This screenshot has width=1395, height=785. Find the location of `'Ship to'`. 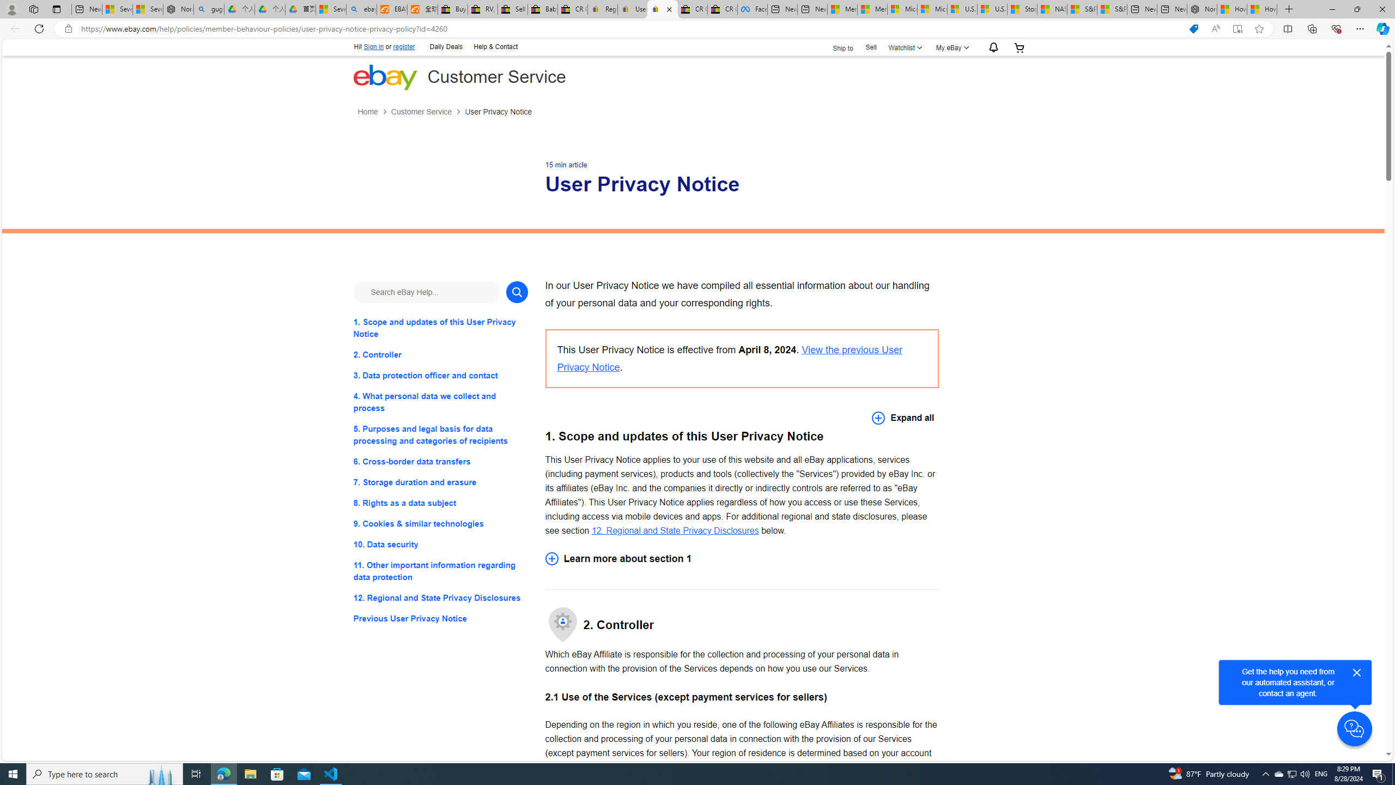

'Ship to' is located at coordinates (835, 48).